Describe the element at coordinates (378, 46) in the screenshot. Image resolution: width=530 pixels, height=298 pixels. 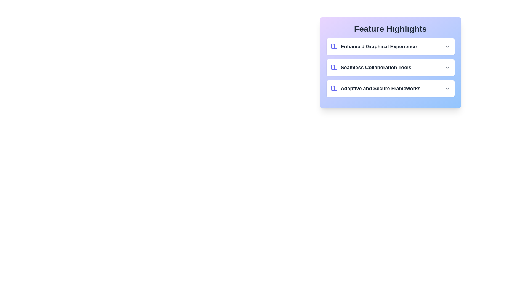
I see `the Text Label that describes the feature section located in the 'Feature Highlights' block, which is the first item in a vertical list and positioned to the right of a book icon` at that location.